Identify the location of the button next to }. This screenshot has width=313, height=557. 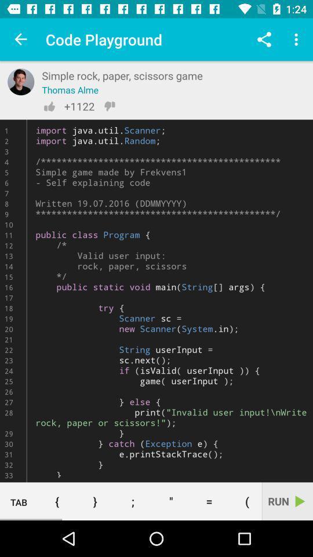
(56, 501).